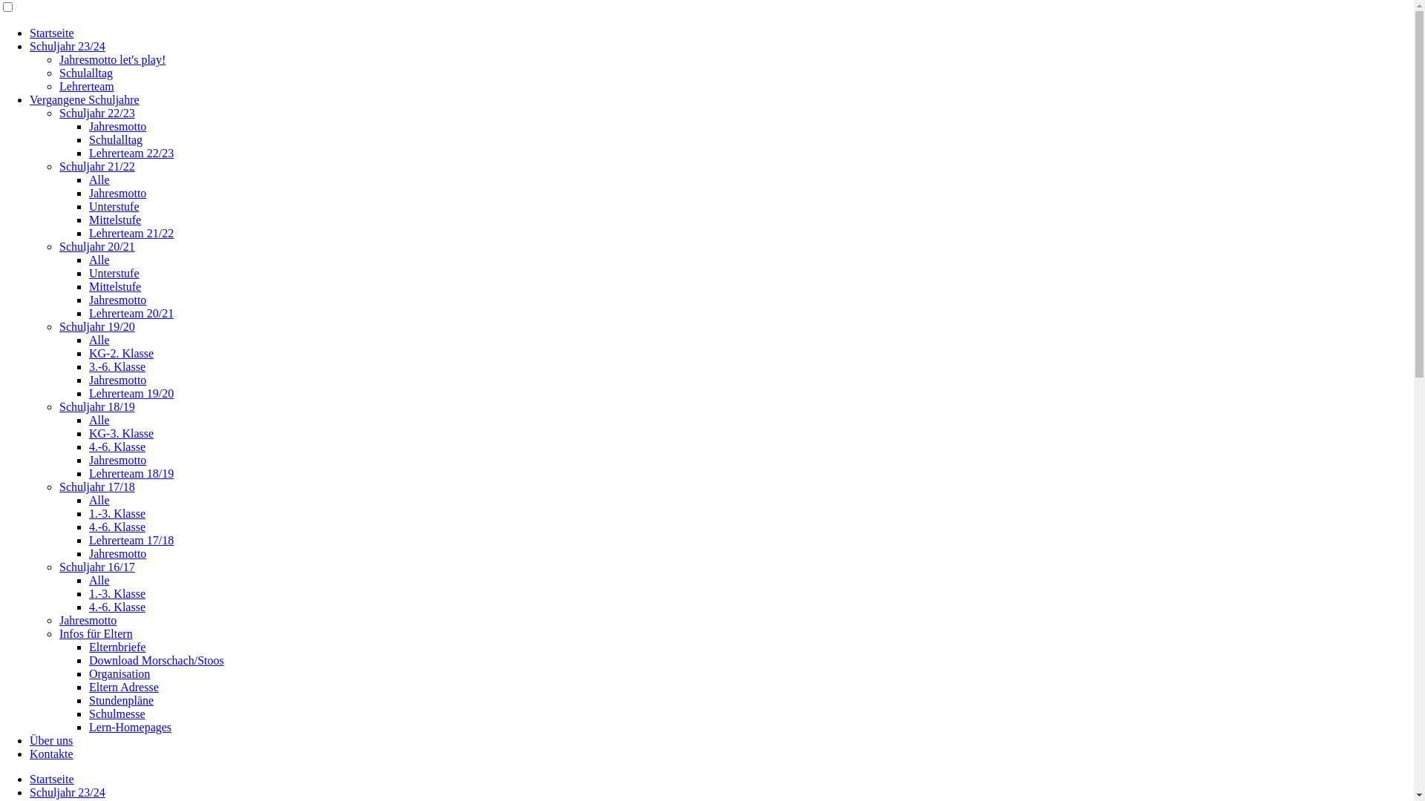  I want to click on '4.-6. Klasse', so click(117, 446).